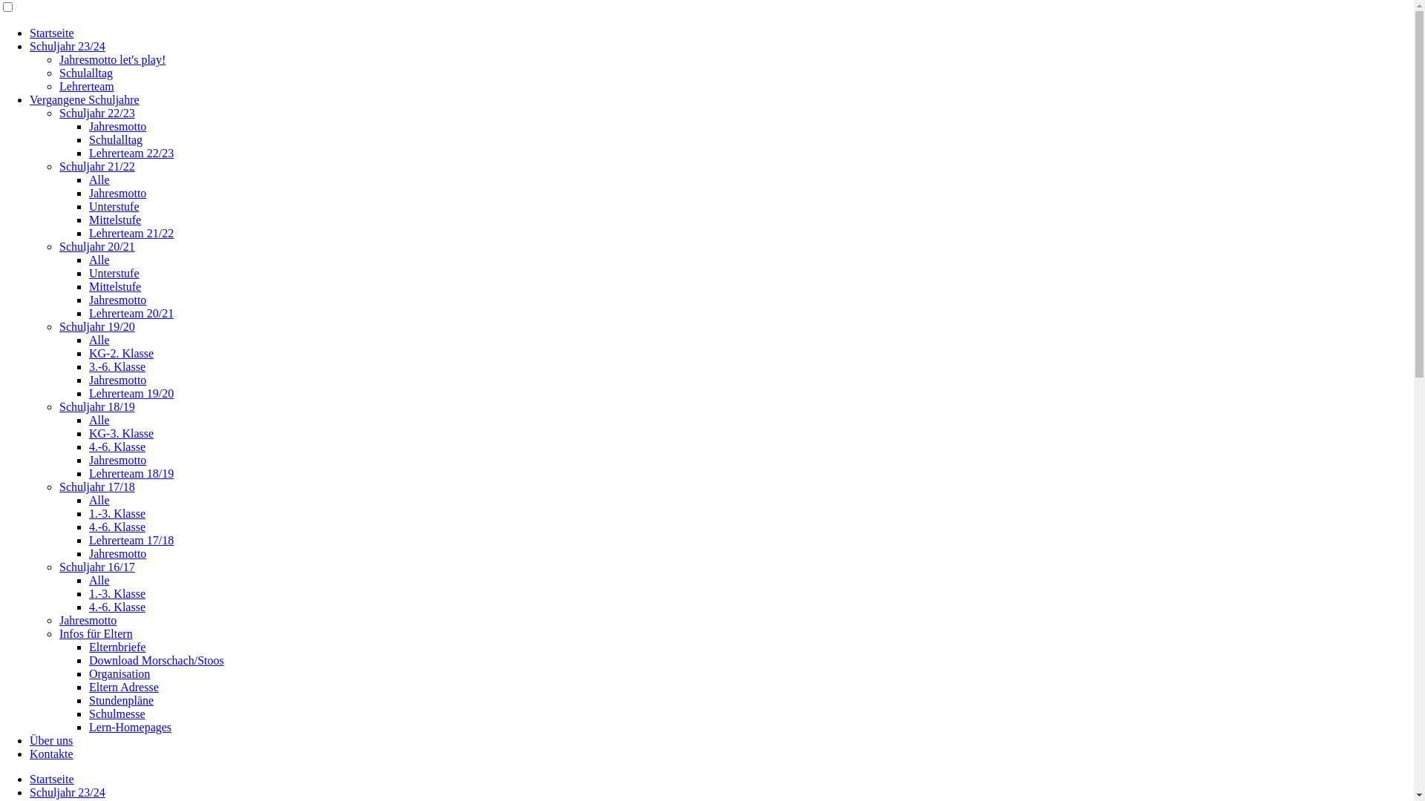  I want to click on '4.-6. Klasse', so click(117, 446).